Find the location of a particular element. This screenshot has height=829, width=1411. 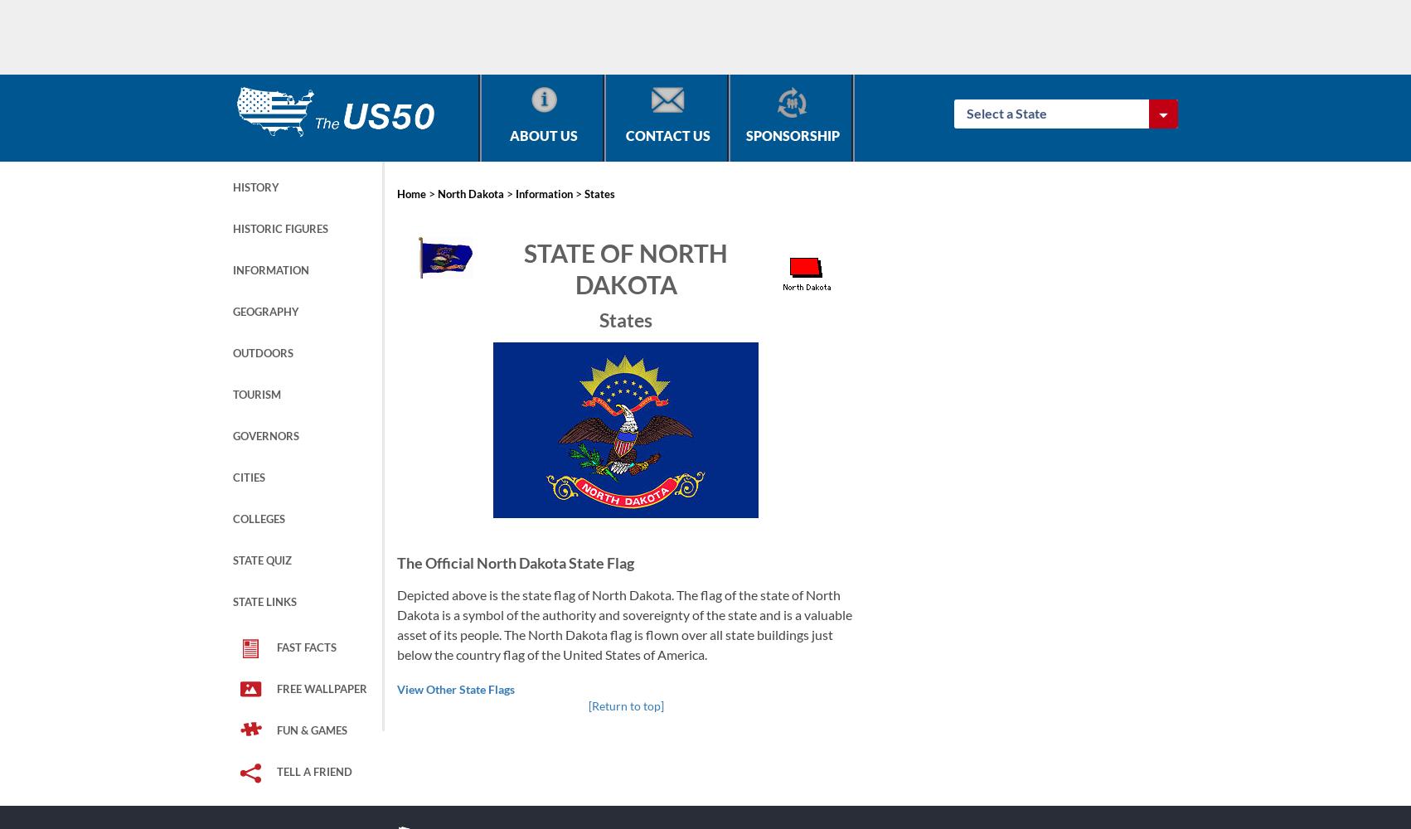

'FAST FACTS' is located at coordinates (276, 647).